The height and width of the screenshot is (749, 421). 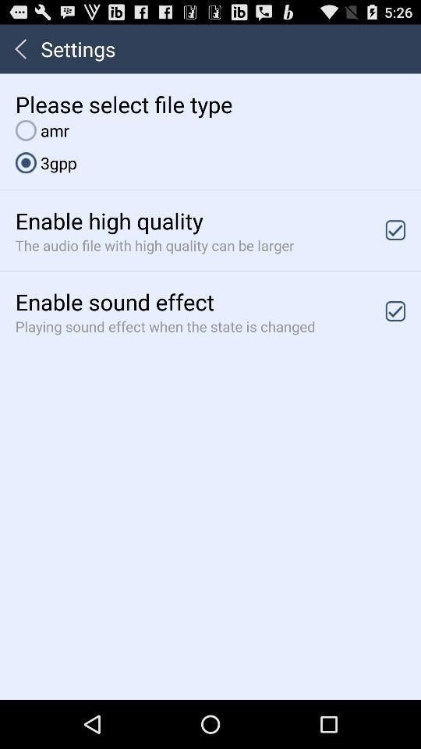 What do you see at coordinates (19, 48) in the screenshot?
I see `previous page` at bounding box center [19, 48].